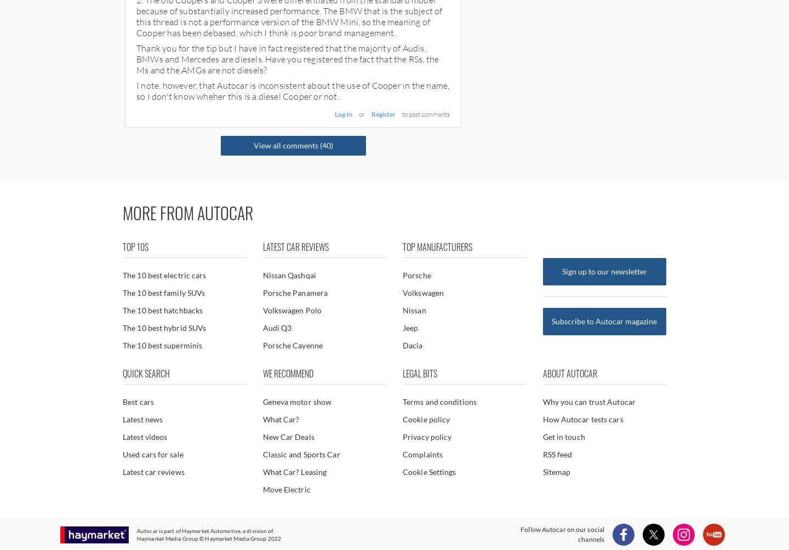 The width and height of the screenshot is (789, 550). I want to click on 'New Car Deals', so click(262, 437).